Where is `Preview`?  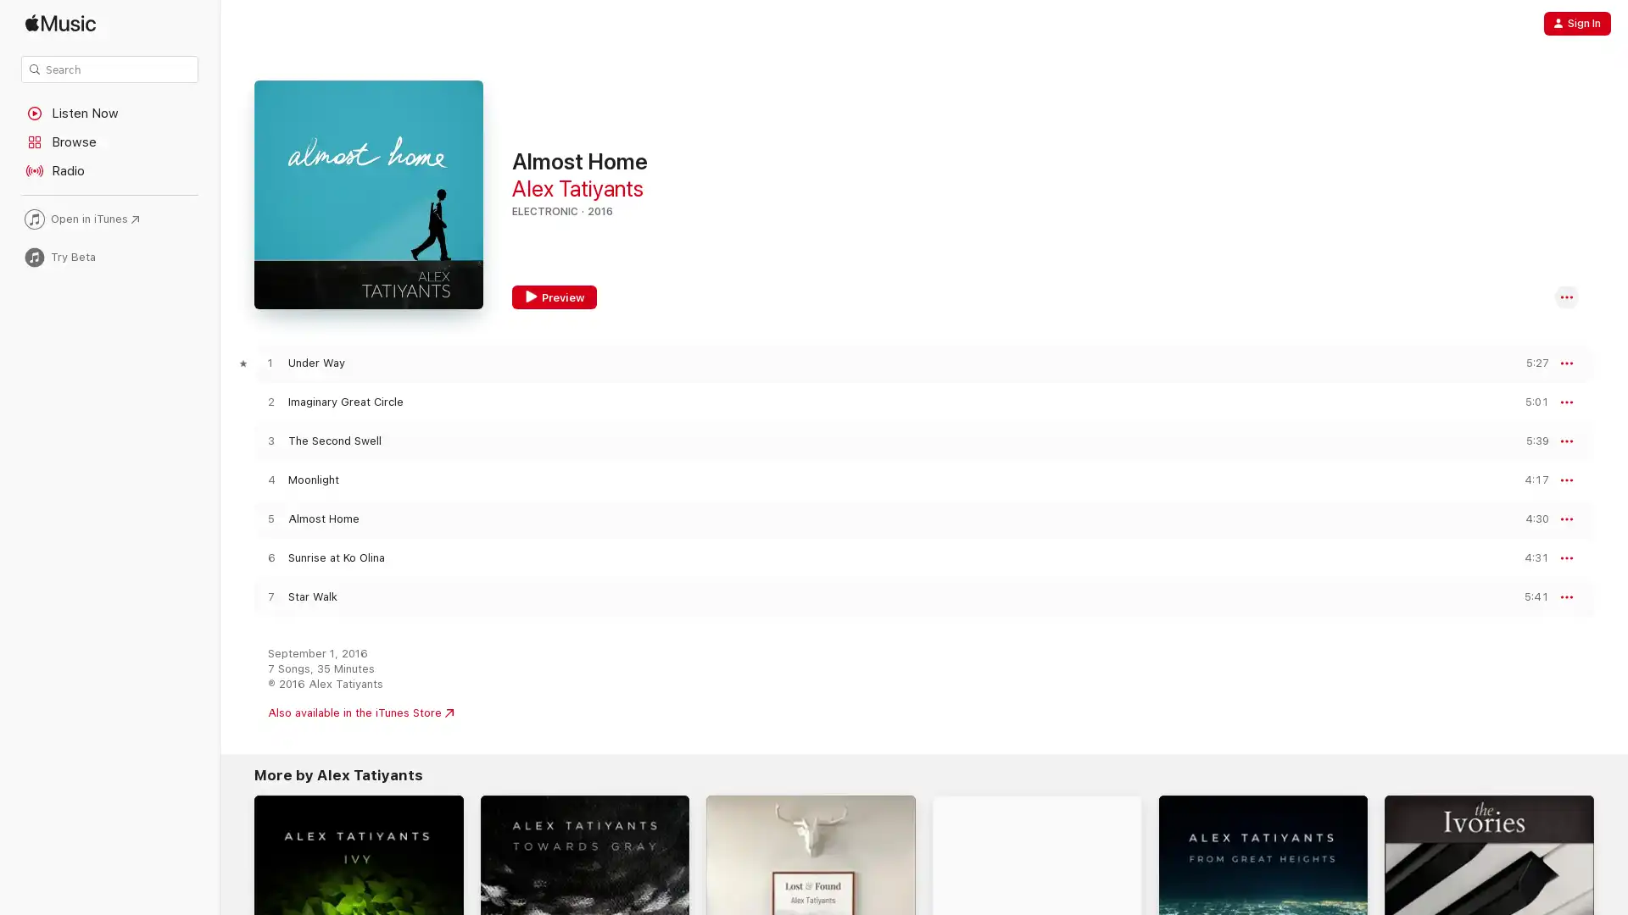
Preview is located at coordinates (1530, 518).